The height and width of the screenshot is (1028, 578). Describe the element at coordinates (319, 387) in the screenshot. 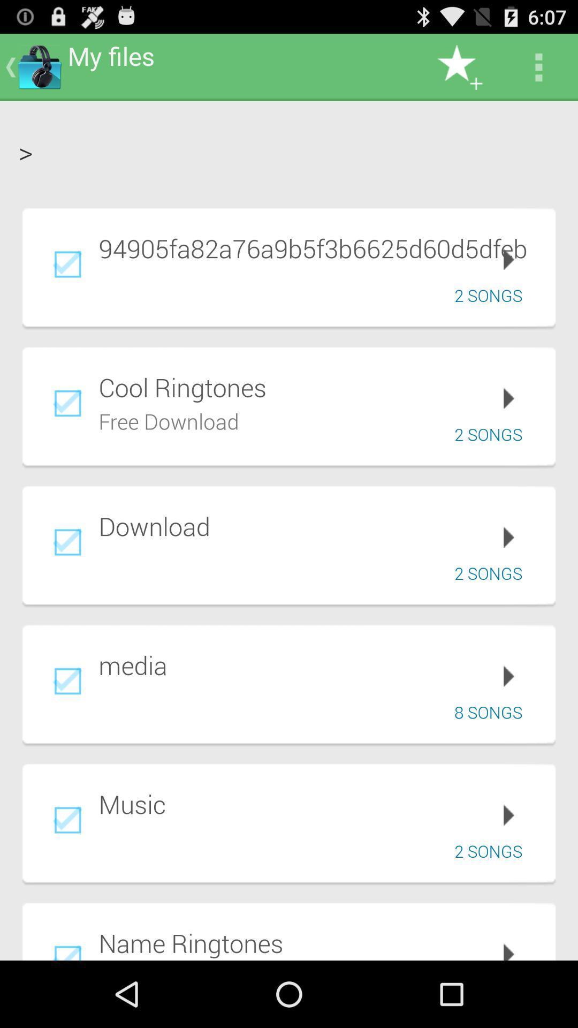

I see `the icon below 2 songs` at that location.